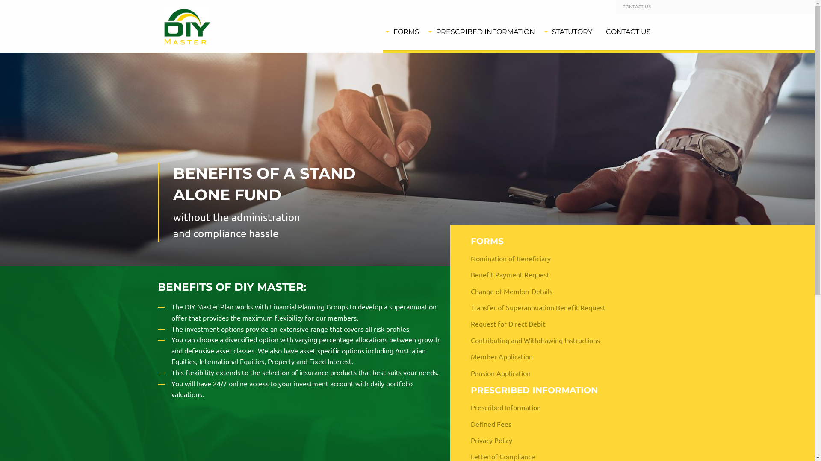 This screenshot has height=461, width=821. I want to click on 'Transfer of Superannuation Benefit Request', so click(556, 307).